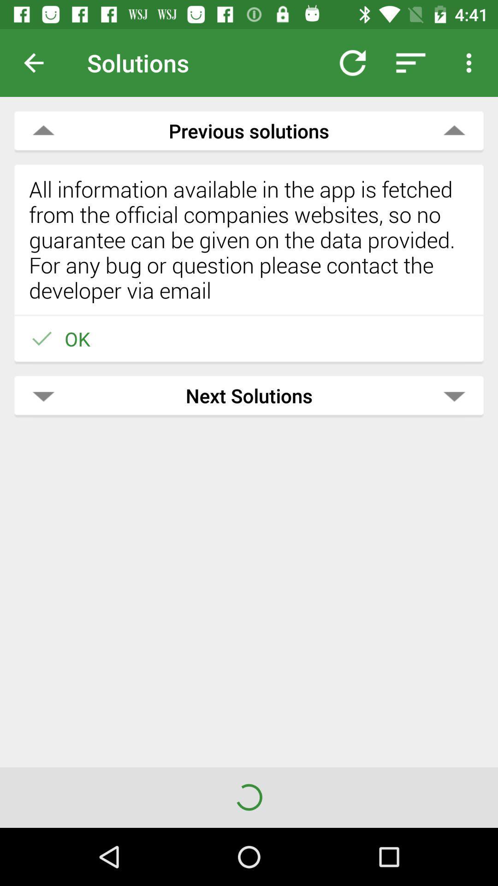 The image size is (498, 886). Describe the element at coordinates (41, 62) in the screenshot. I see `previous page` at that location.